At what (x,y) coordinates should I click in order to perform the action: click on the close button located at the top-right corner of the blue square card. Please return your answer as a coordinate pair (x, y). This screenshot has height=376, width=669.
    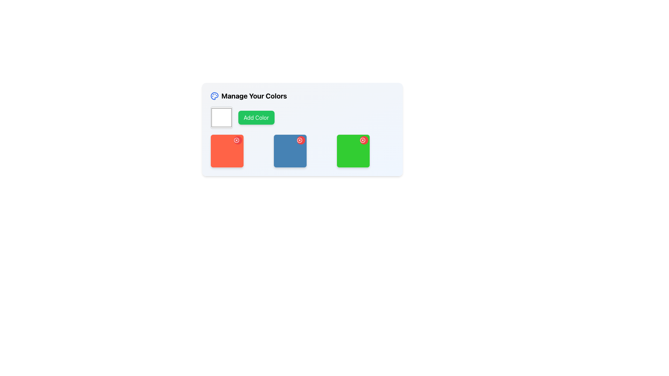
    Looking at the image, I should click on (301, 140).